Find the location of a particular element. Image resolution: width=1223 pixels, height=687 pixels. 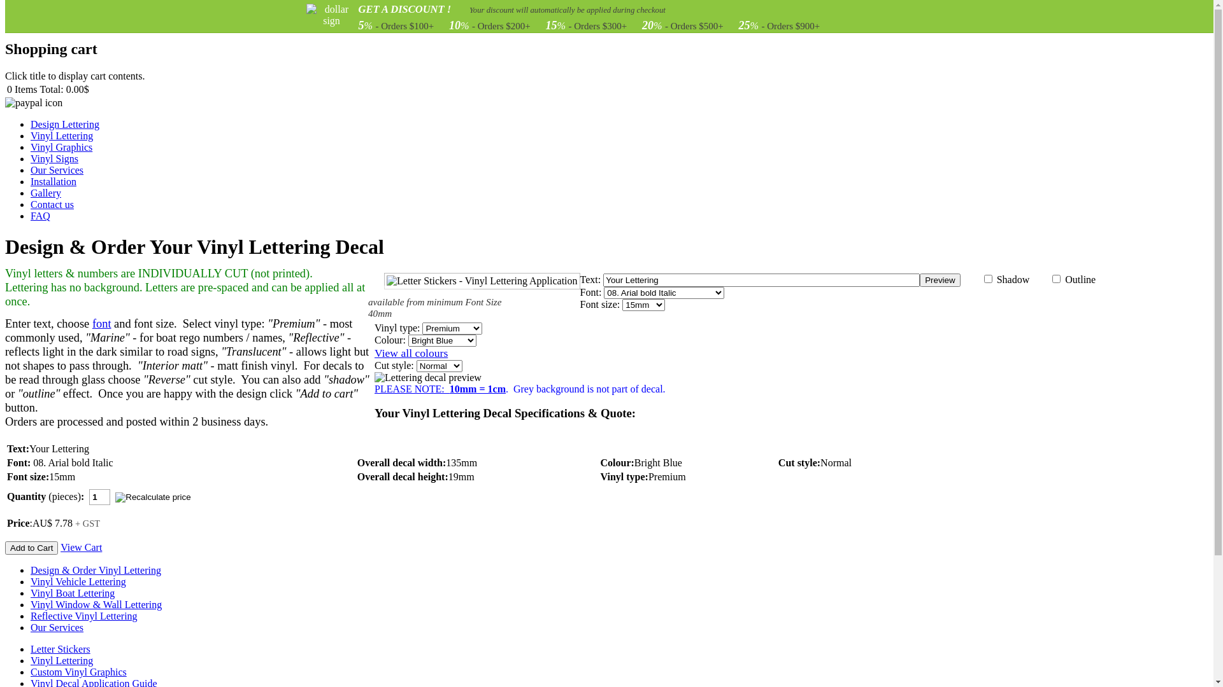

'Vinyl Graphics' is located at coordinates (61, 146).